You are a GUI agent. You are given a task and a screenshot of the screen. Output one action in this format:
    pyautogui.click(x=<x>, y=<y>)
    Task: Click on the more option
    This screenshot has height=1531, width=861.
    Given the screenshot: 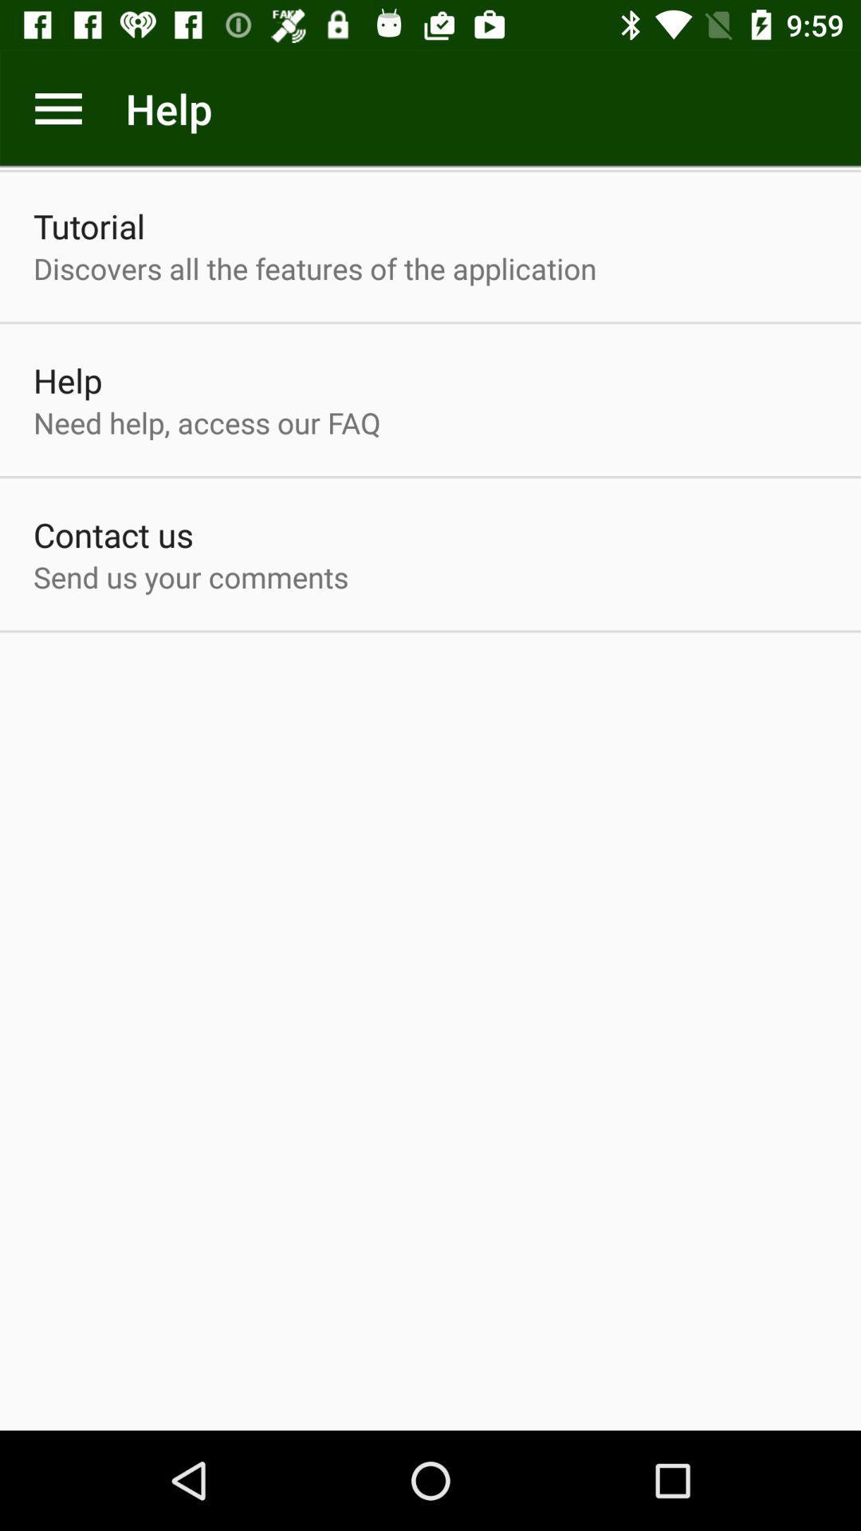 What is the action you would take?
    pyautogui.click(x=57, y=108)
    